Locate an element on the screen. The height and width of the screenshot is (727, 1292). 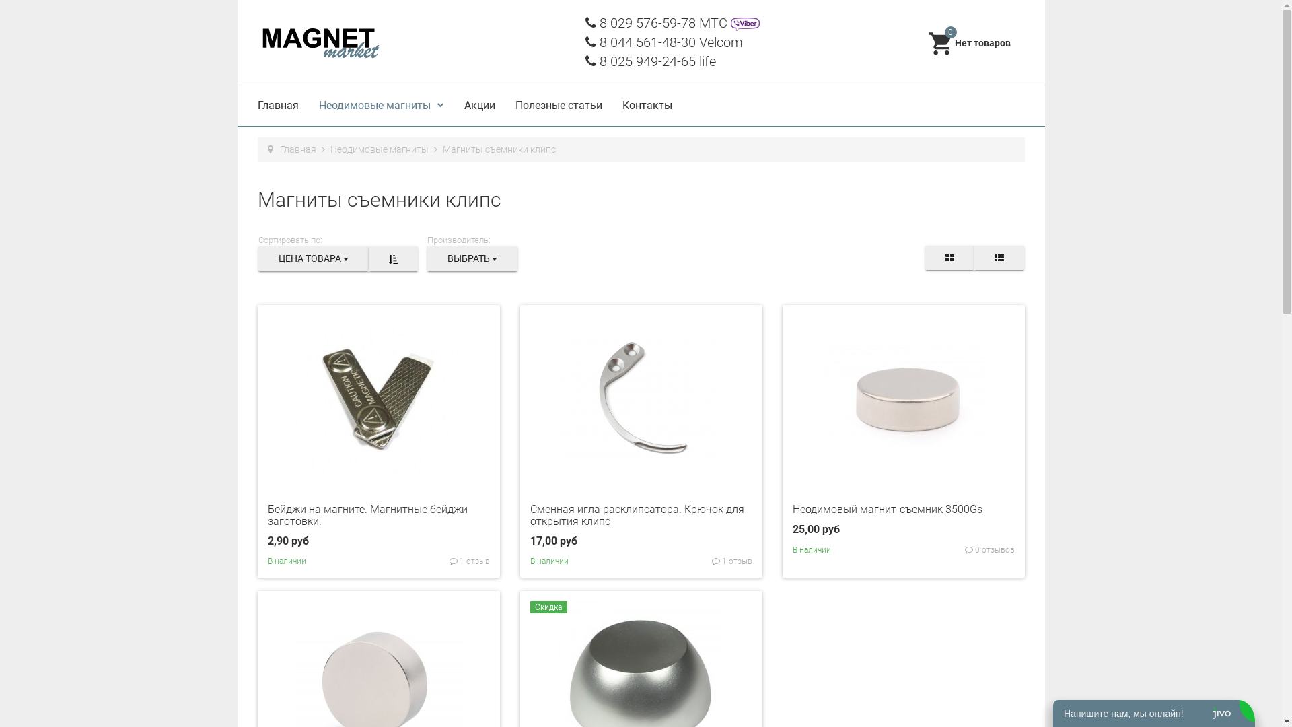
'MagnetMarket' is located at coordinates (320, 41).